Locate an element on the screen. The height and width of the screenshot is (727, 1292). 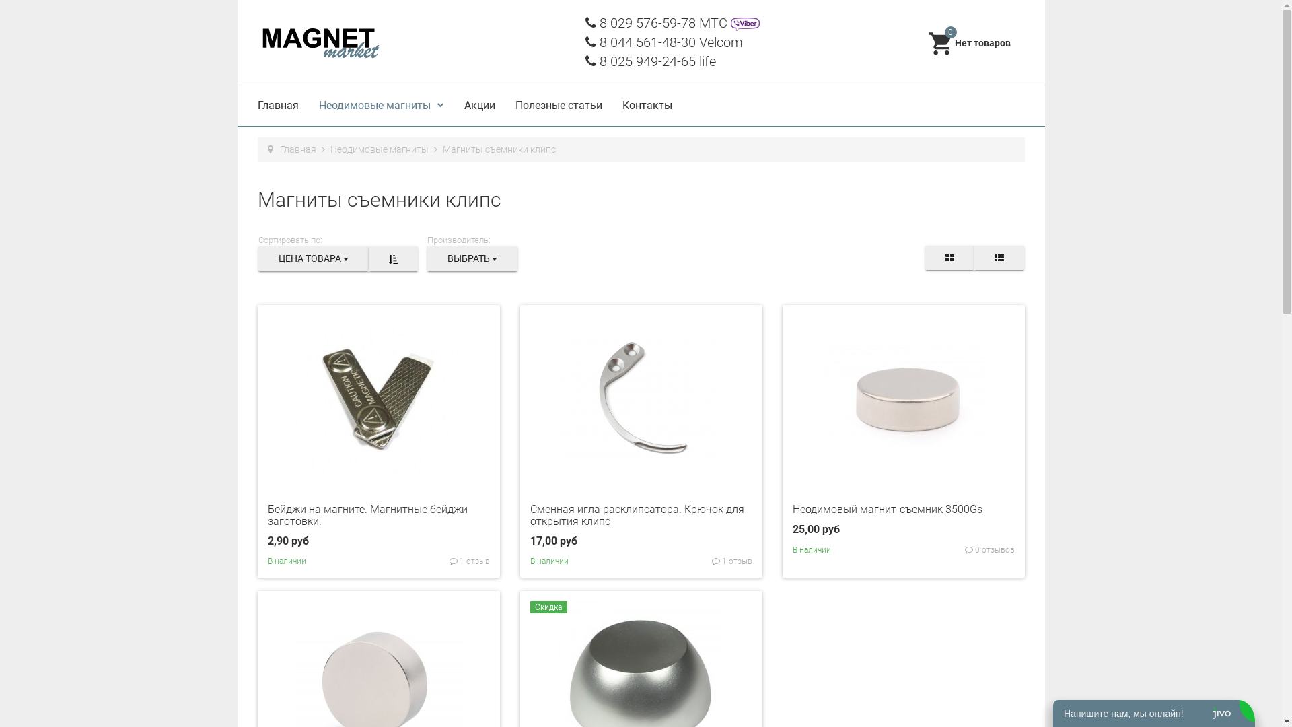
'MagnetMarket' is located at coordinates (320, 41).